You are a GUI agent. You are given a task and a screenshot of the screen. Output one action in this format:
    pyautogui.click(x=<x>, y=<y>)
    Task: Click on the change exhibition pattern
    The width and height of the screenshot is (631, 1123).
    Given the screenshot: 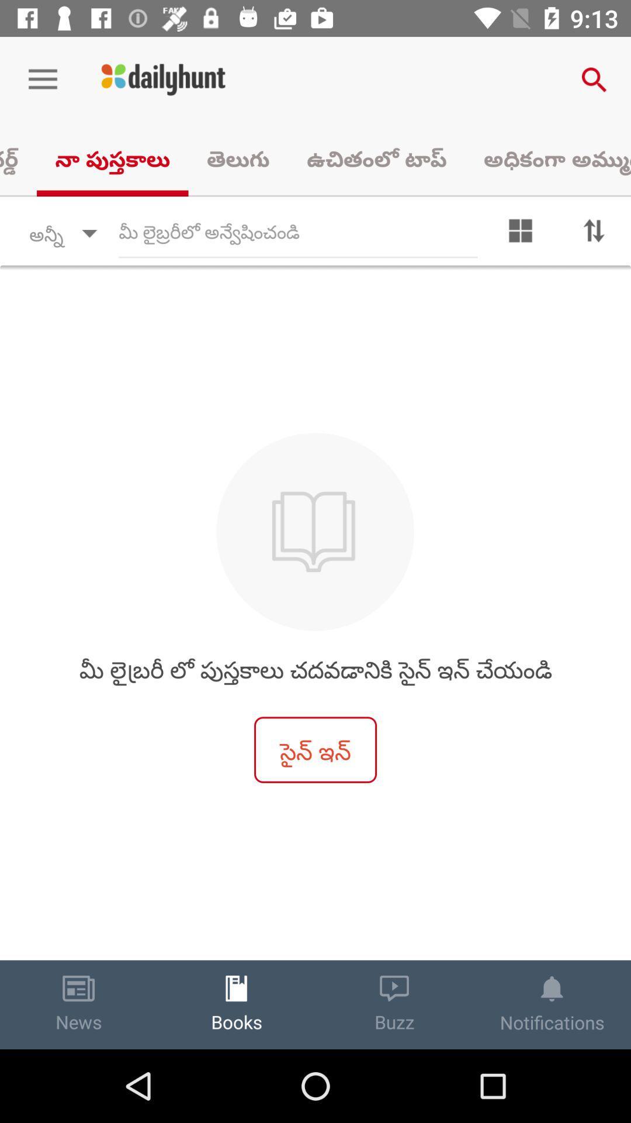 What is the action you would take?
    pyautogui.click(x=520, y=233)
    